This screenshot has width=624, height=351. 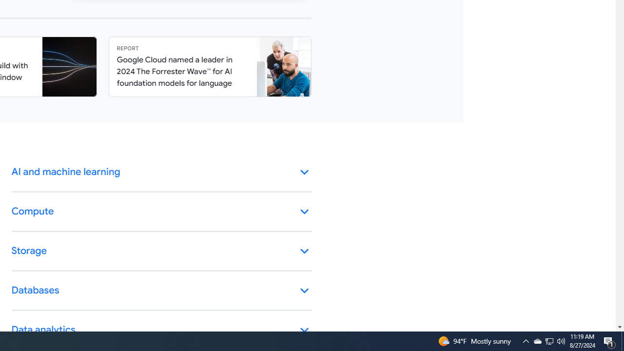 I want to click on 'Compute keyboard_arrow_down', so click(x=161, y=211).